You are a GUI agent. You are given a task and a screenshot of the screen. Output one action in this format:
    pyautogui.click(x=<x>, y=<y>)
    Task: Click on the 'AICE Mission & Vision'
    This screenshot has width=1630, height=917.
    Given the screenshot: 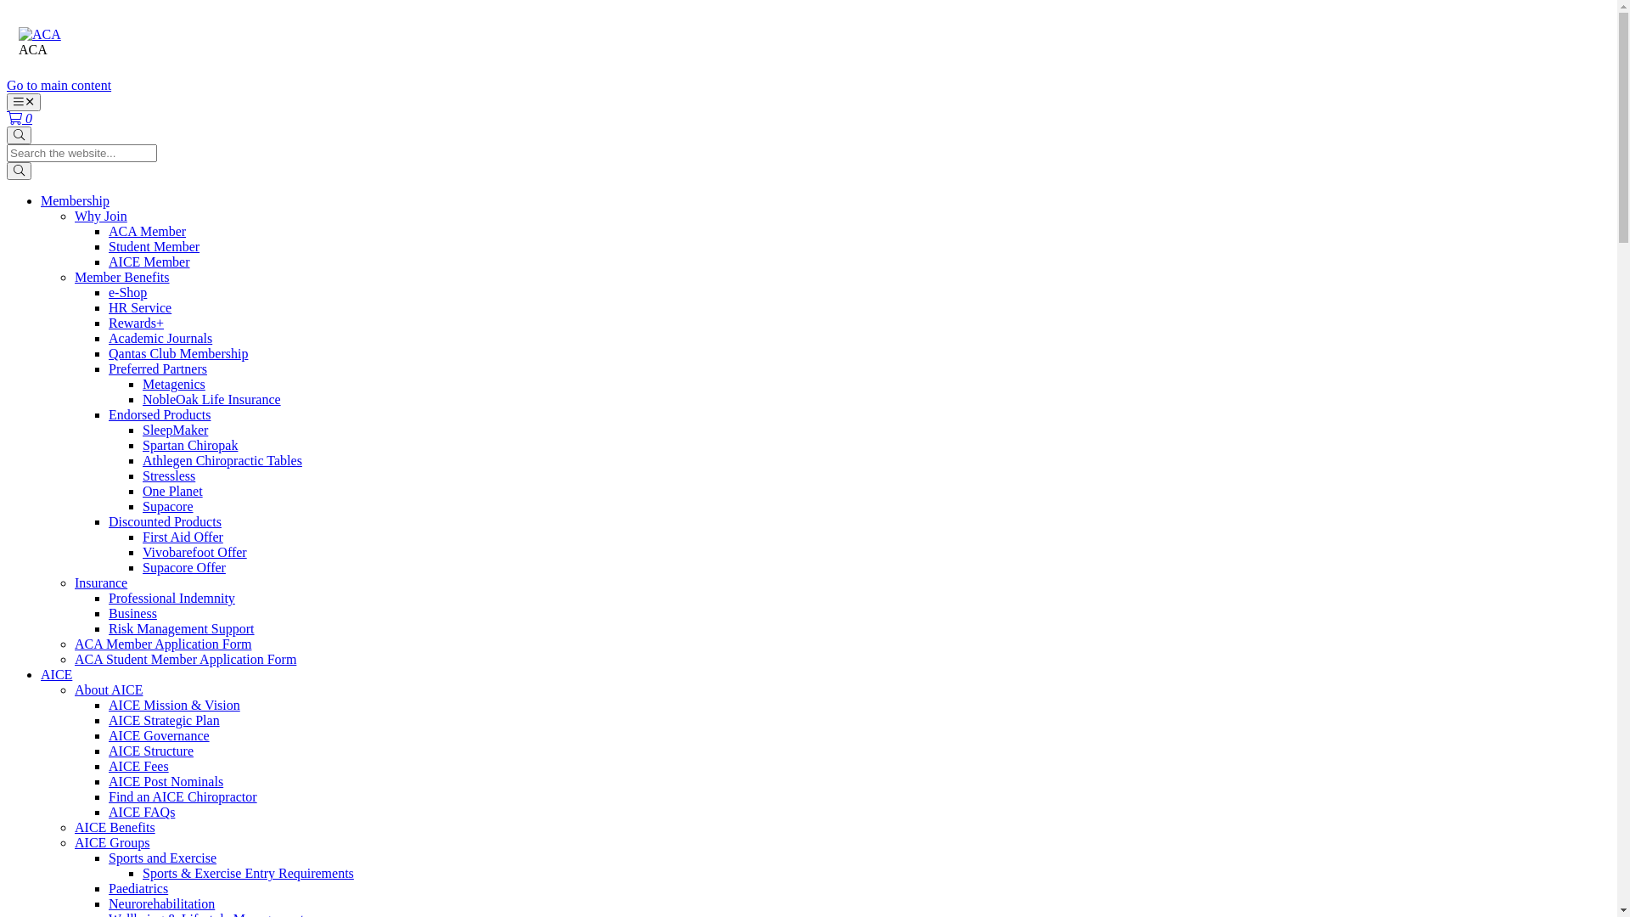 What is the action you would take?
    pyautogui.click(x=174, y=705)
    